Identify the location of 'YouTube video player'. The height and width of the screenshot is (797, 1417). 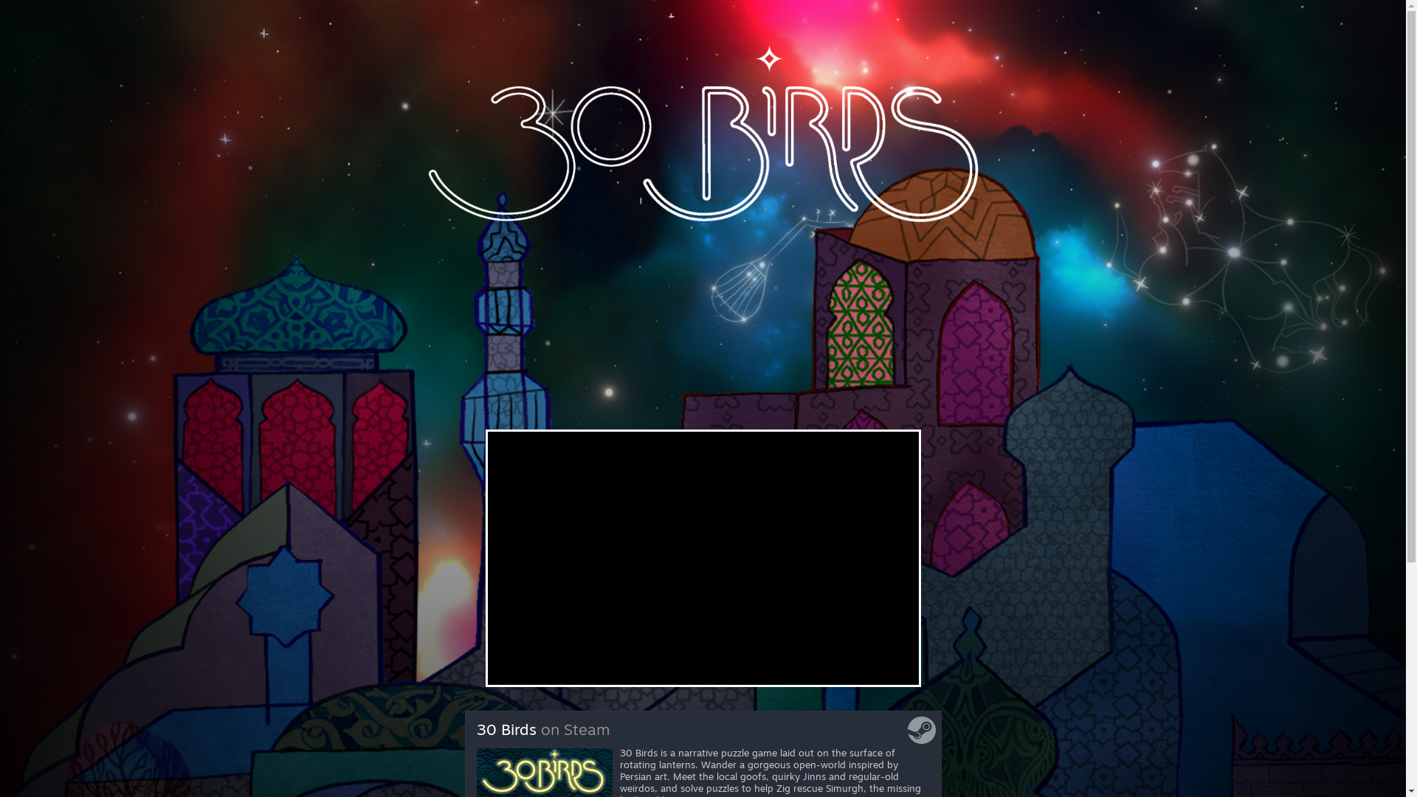
(693, 556).